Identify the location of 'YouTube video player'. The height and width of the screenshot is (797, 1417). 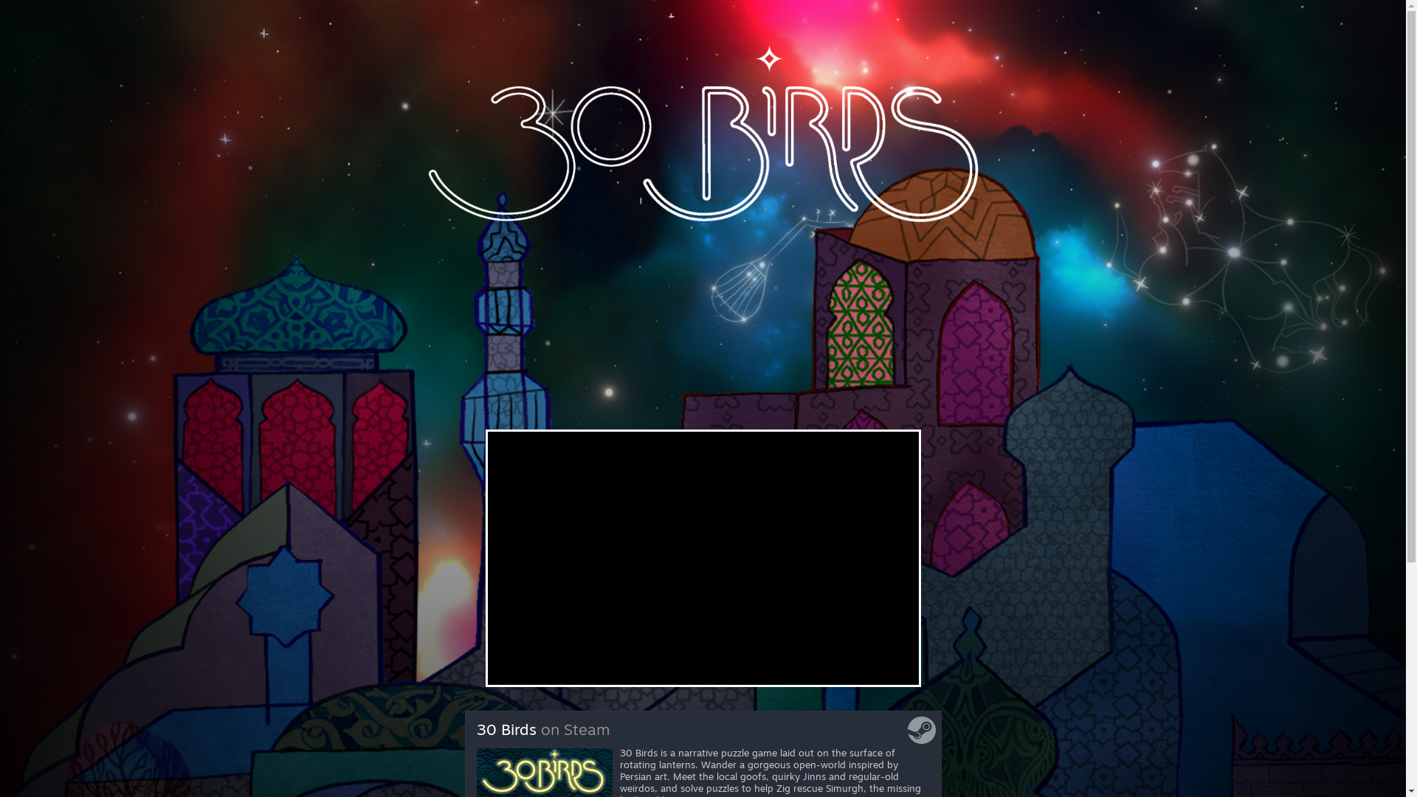
(693, 556).